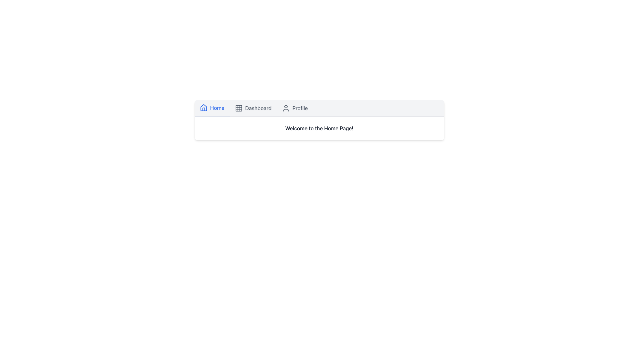  Describe the element at coordinates (253, 108) in the screenshot. I see `the 'Dashboard' hyperlink button with a grid icon` at that location.